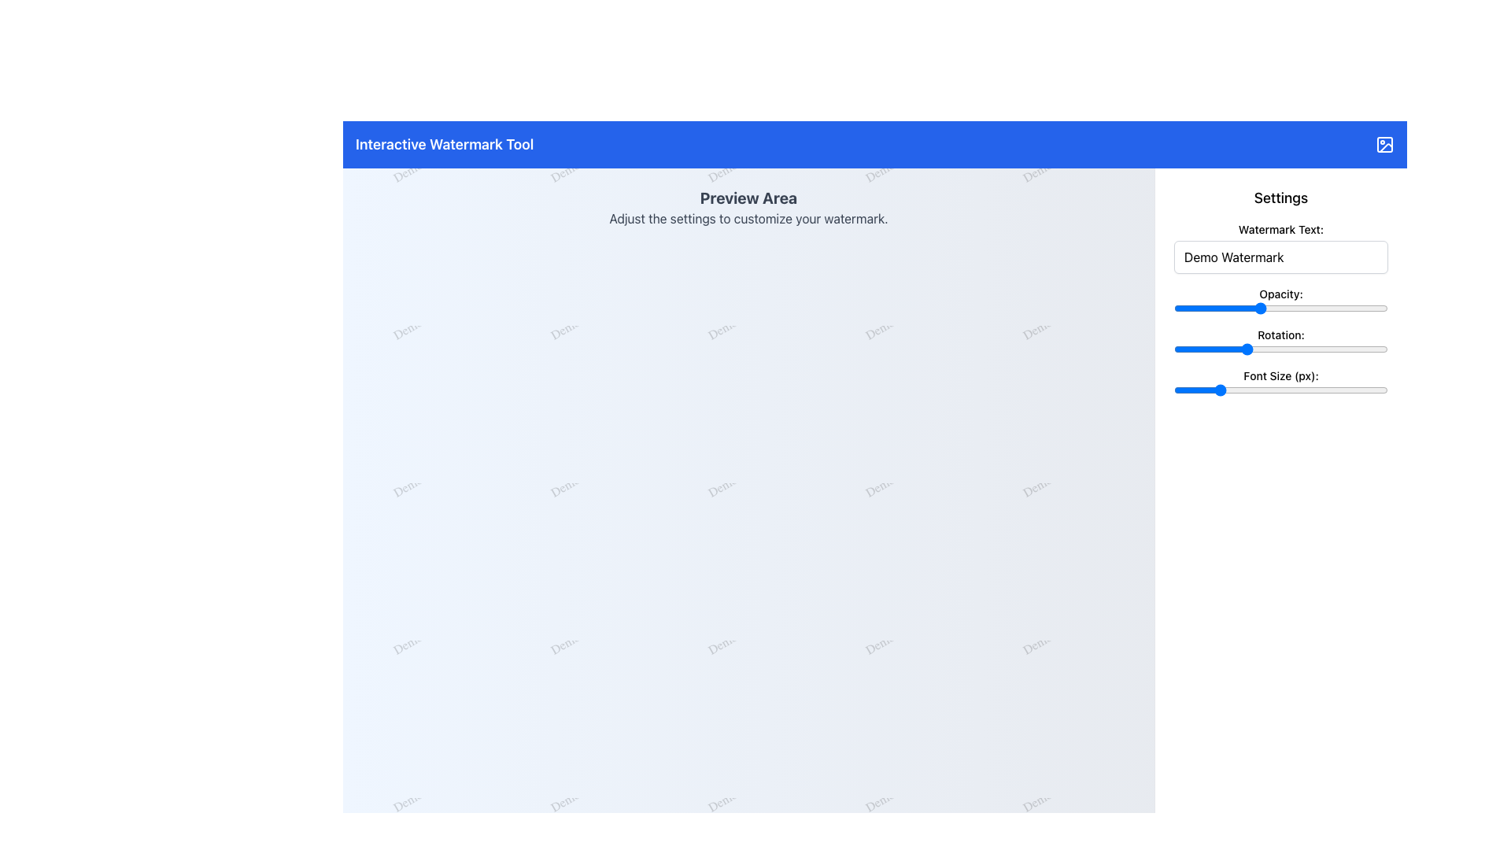 This screenshot has height=850, width=1511. I want to click on the single-line text input box labeled 'Watermark Text:', so click(1280, 257).